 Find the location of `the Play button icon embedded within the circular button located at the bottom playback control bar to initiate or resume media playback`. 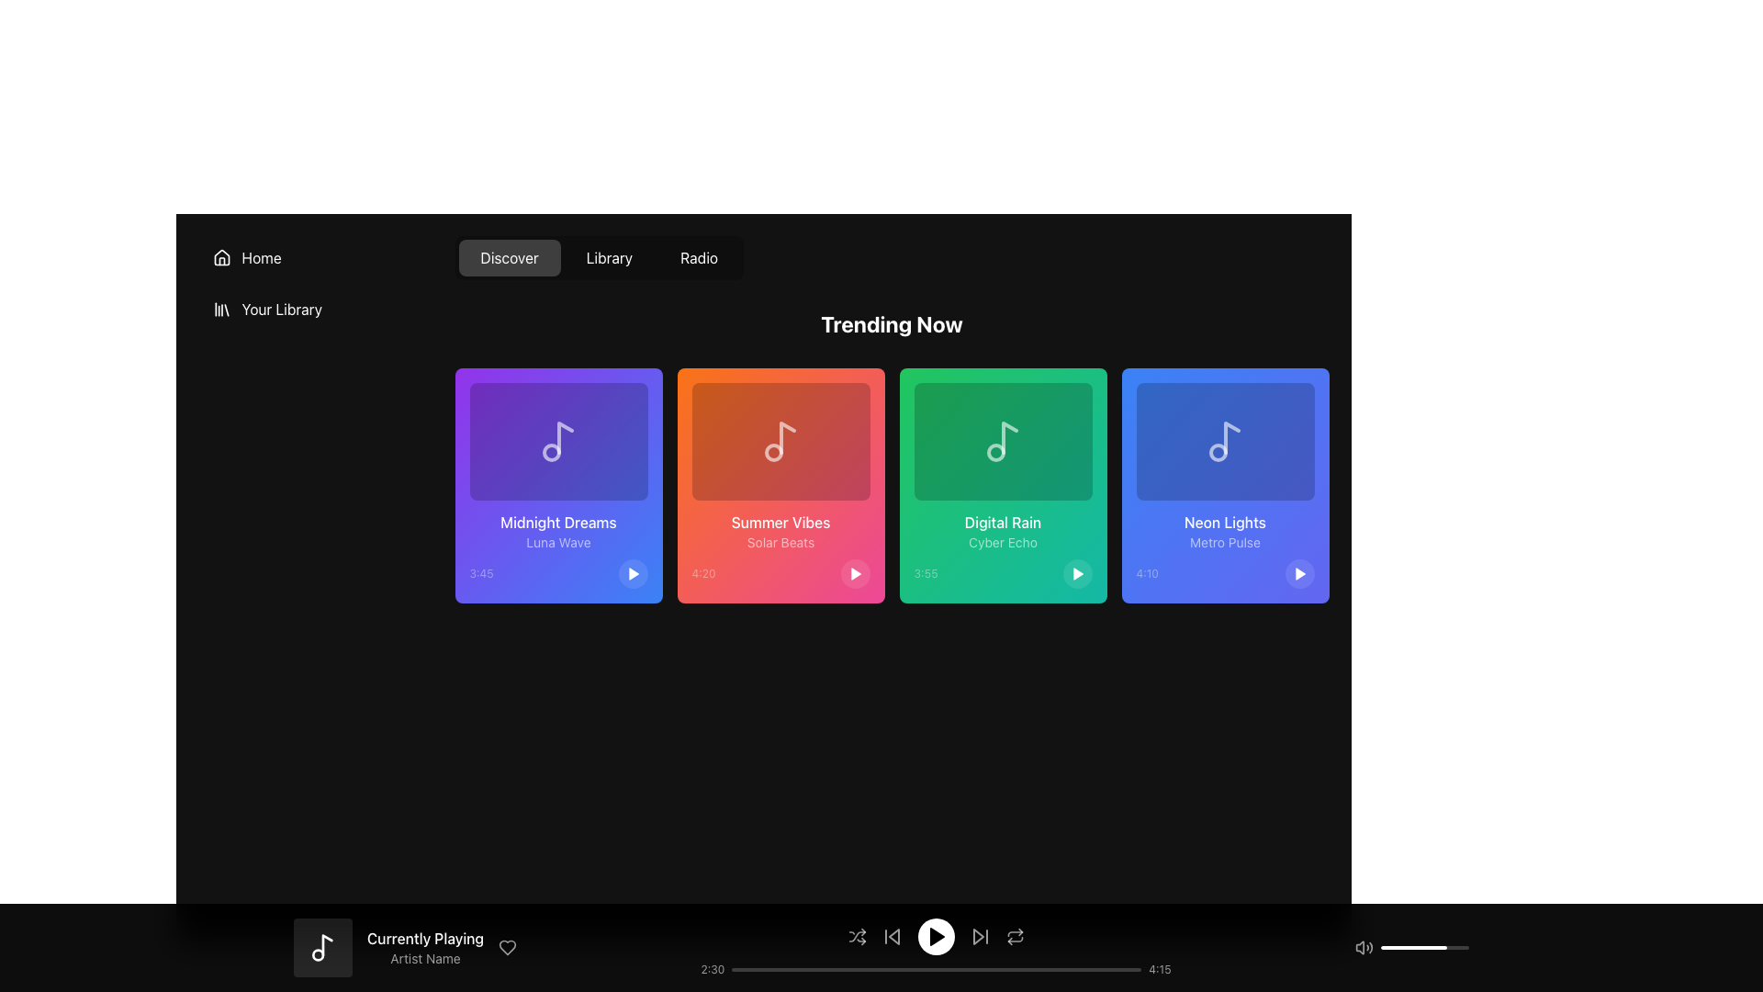

the Play button icon embedded within the circular button located at the bottom playback control bar to initiate or resume media playback is located at coordinates (936, 936).